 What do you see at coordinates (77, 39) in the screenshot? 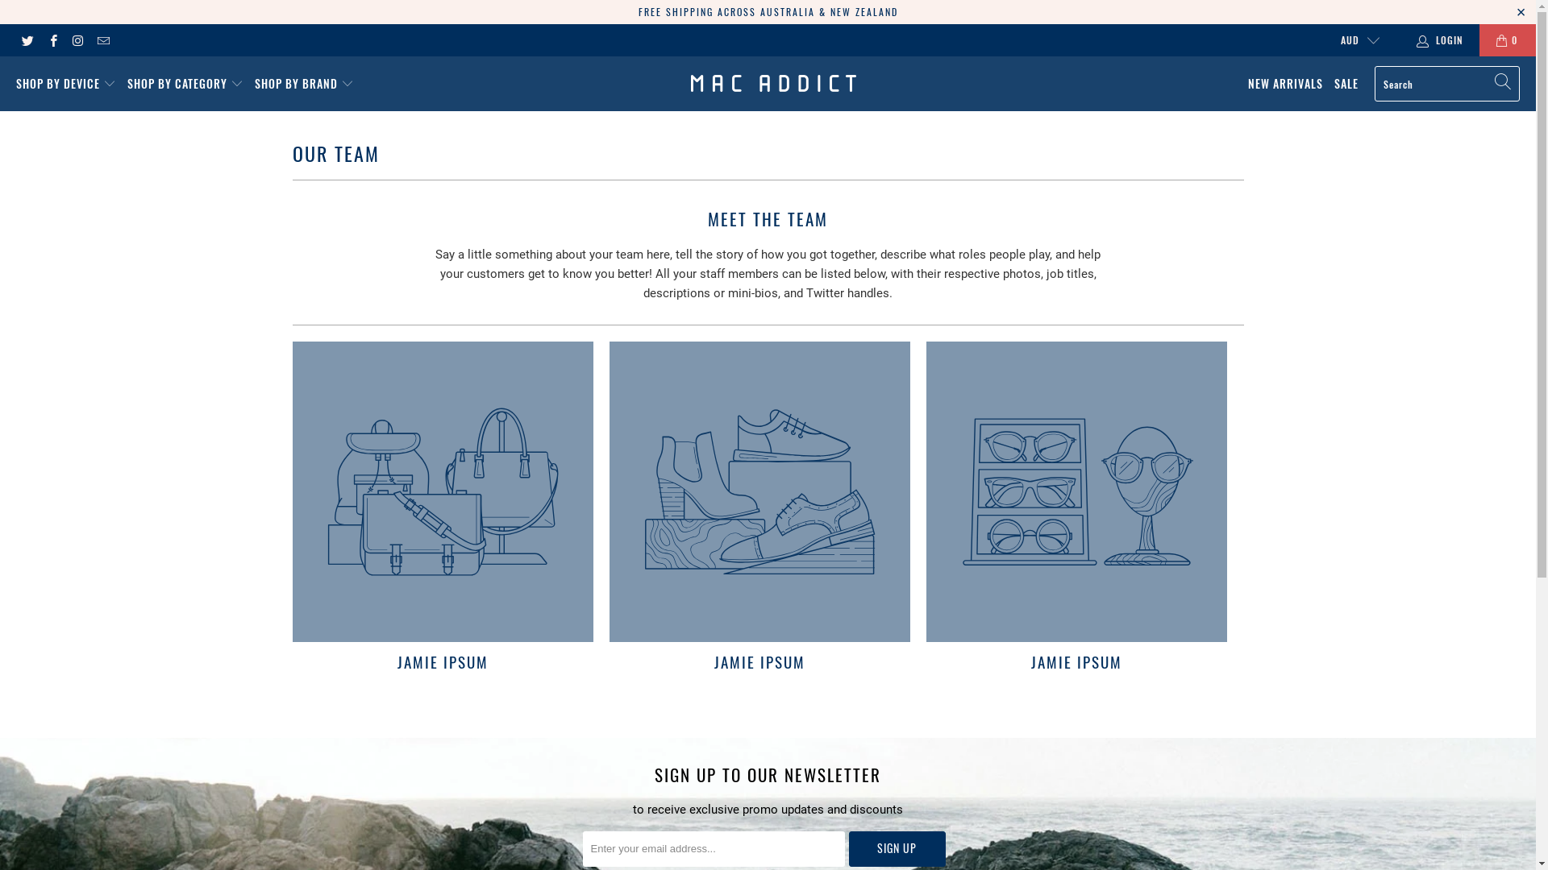
I see `'Mac Addict on Instagram'` at bounding box center [77, 39].